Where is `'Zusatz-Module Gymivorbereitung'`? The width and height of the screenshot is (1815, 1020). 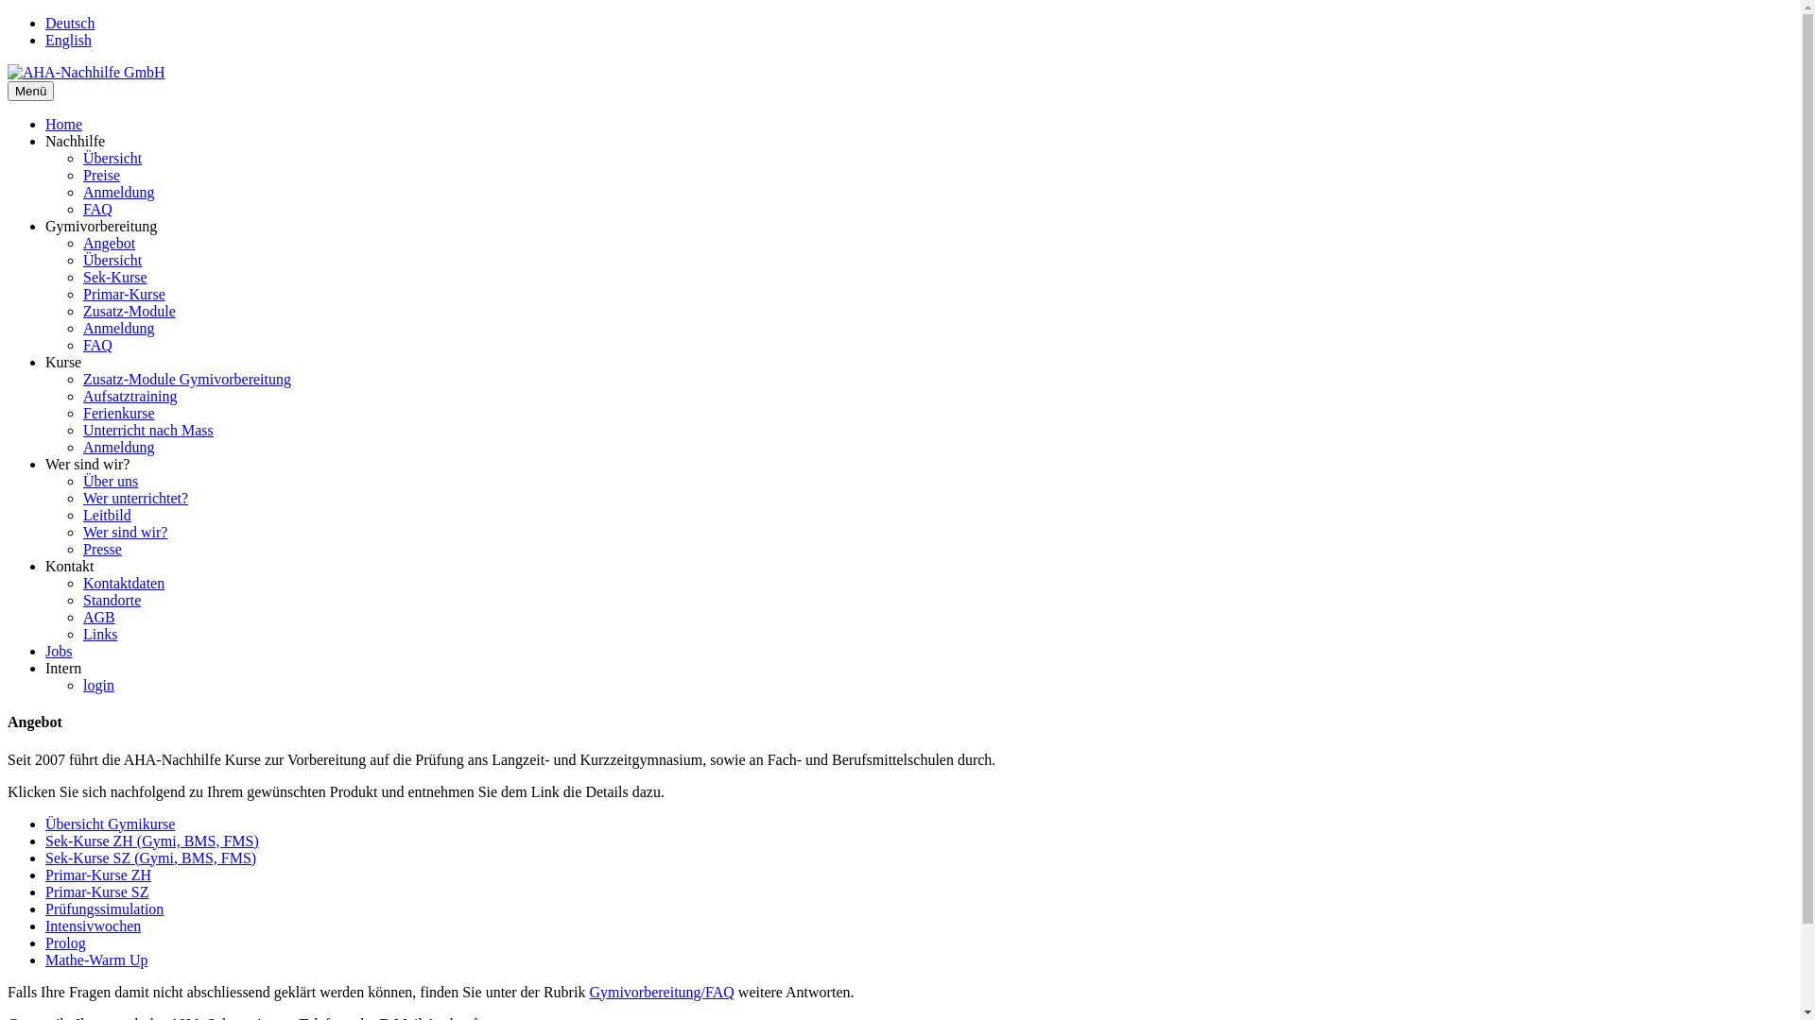 'Zusatz-Module Gymivorbereitung' is located at coordinates (186, 379).